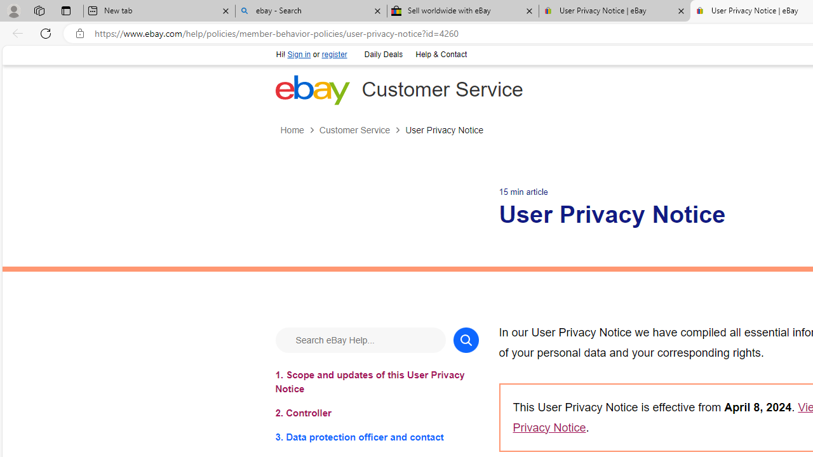  I want to click on 'Sell worldwide with eBay', so click(462, 11).